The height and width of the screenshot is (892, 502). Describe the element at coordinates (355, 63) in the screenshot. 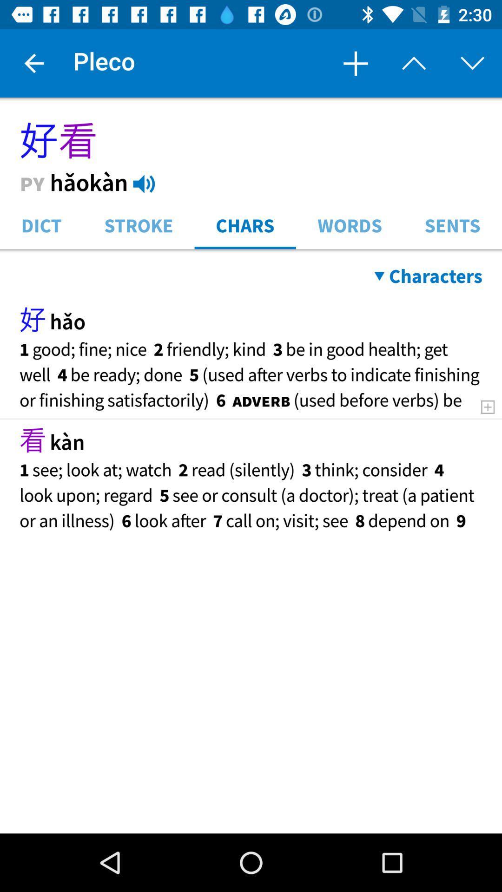

I see `the item to the right of the pleco icon` at that location.